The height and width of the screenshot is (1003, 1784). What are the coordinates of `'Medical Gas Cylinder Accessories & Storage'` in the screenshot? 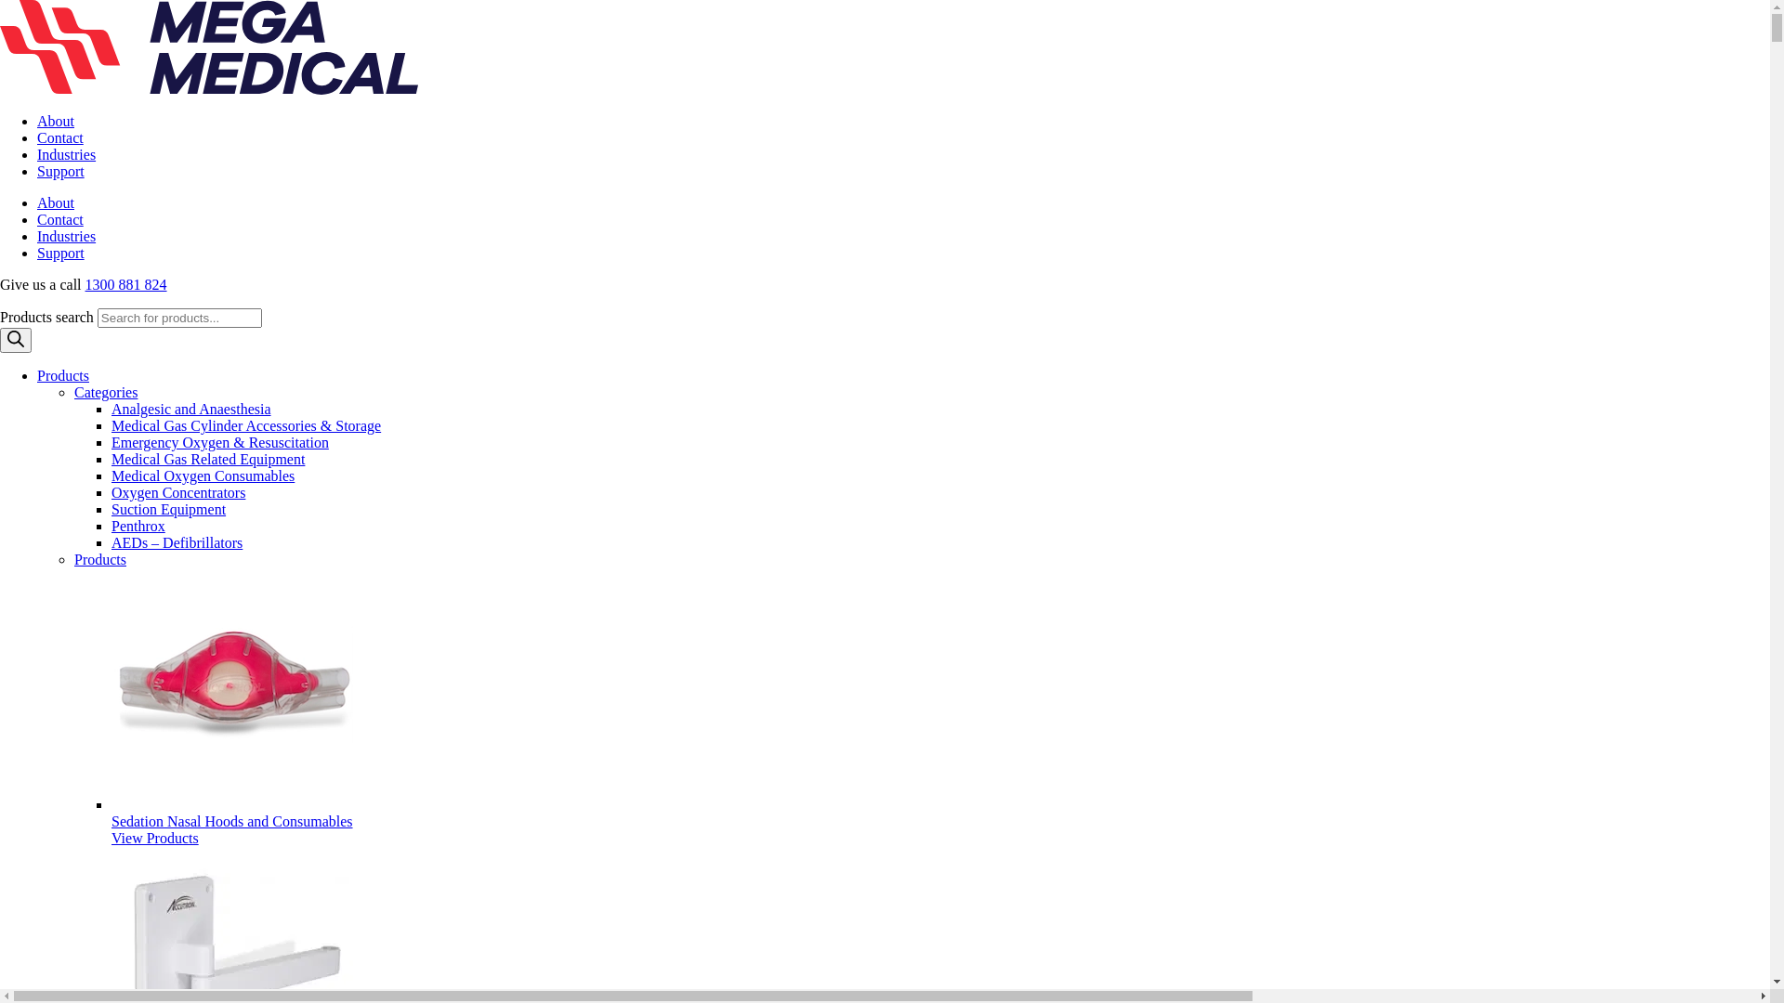 It's located at (244, 425).